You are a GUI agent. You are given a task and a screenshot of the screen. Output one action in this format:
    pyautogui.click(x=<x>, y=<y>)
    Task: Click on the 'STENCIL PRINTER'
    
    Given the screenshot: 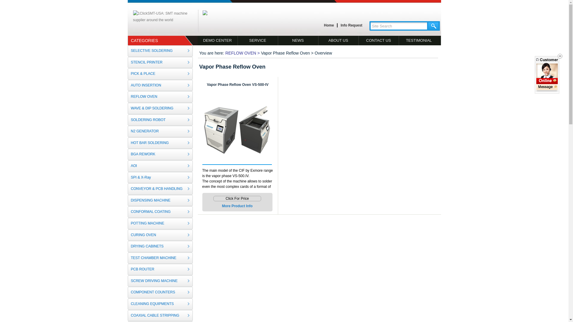 What is the action you would take?
    pyautogui.click(x=160, y=62)
    